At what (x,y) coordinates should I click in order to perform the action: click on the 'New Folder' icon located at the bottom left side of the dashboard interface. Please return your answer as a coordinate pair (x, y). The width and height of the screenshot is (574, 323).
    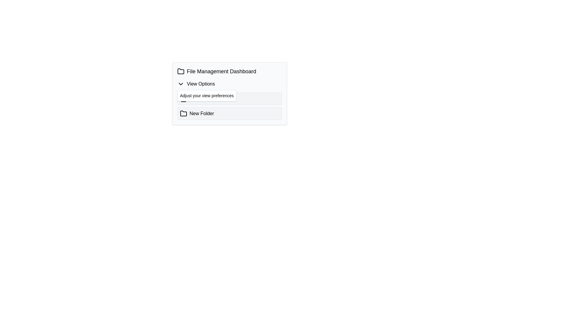
    Looking at the image, I should click on (183, 113).